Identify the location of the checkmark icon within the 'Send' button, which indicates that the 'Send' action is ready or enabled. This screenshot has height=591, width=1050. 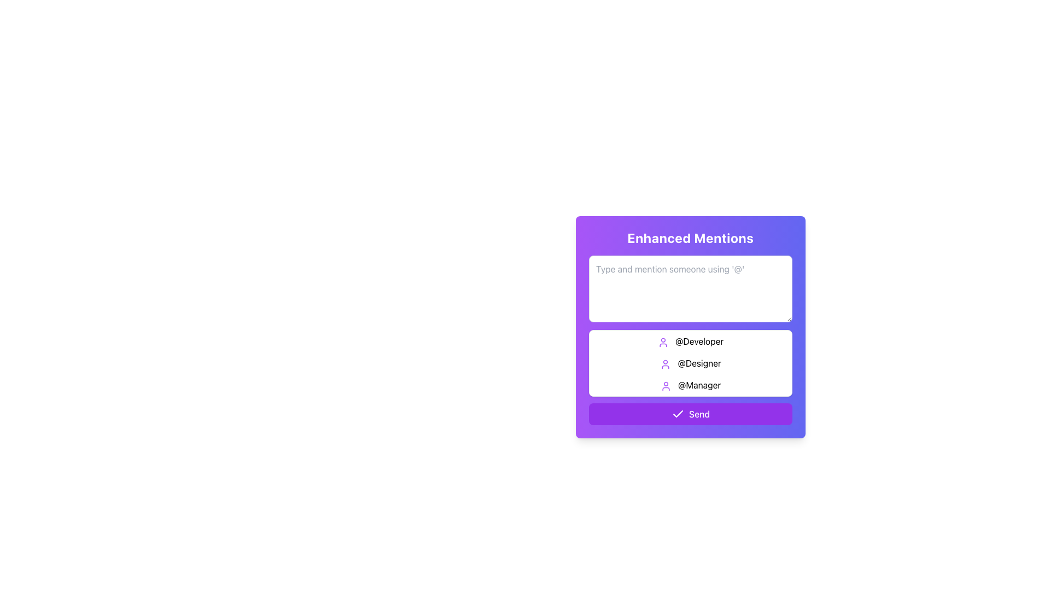
(677, 414).